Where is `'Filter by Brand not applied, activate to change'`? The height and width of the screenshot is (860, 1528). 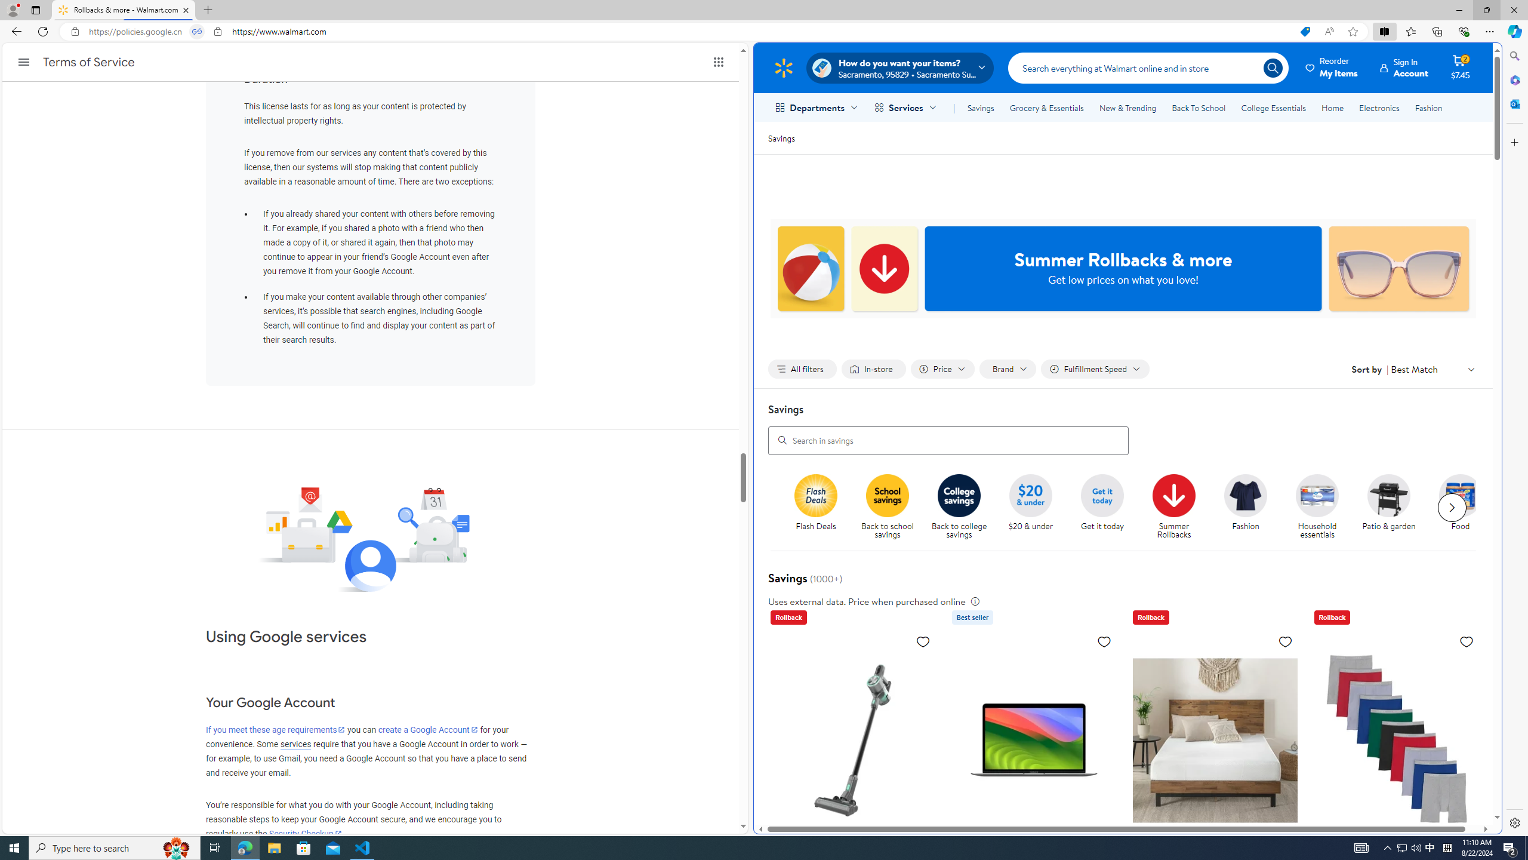
'Filter by Brand not applied, activate to change' is located at coordinates (1008, 368).